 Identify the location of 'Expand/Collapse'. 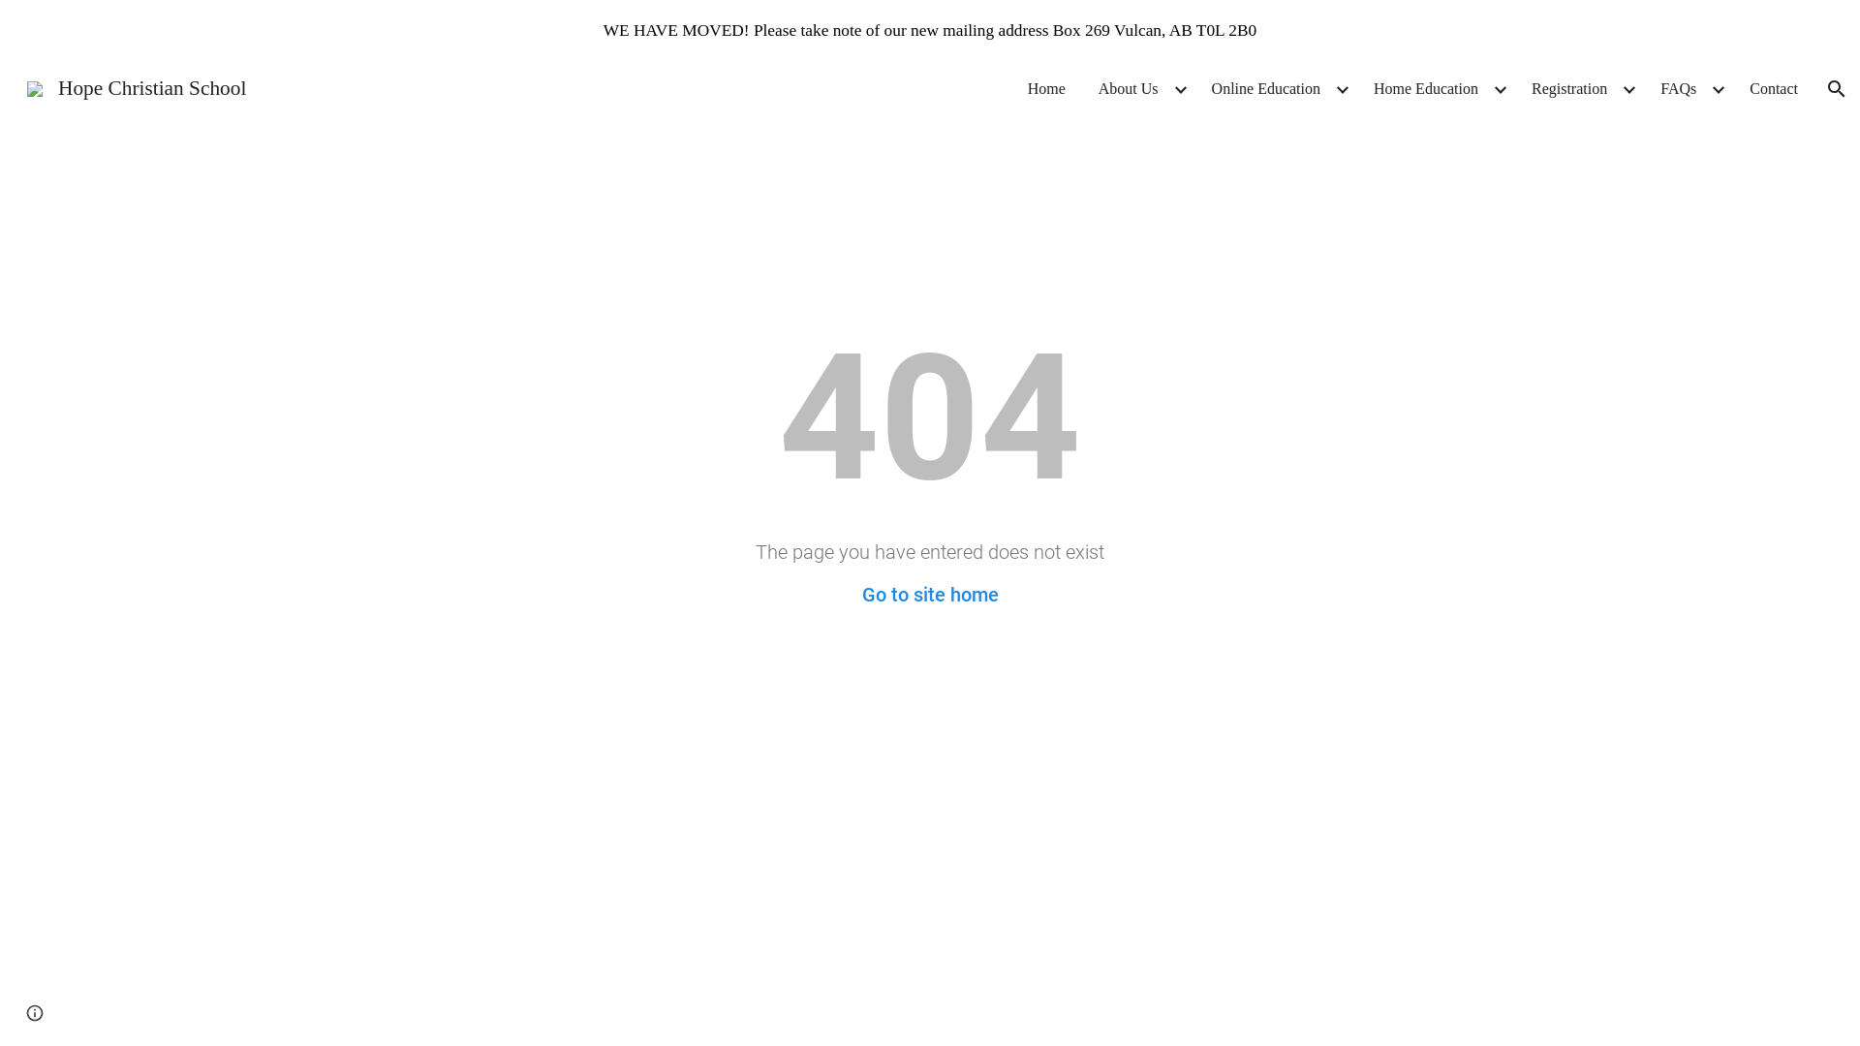
(1341, 89).